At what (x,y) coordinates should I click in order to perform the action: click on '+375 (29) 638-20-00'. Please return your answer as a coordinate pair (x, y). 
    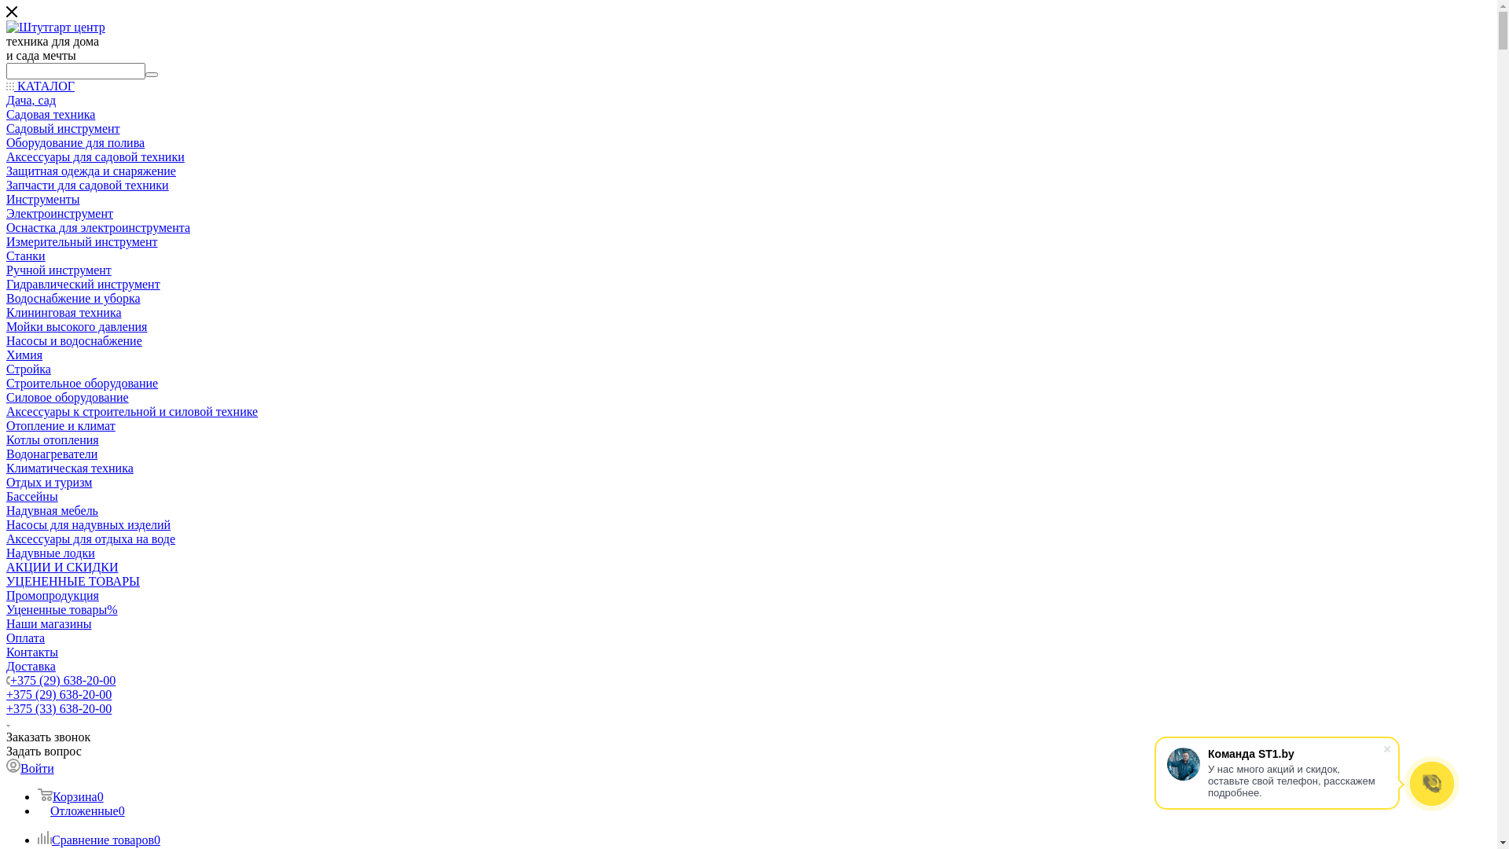
    Looking at the image, I should click on (63, 679).